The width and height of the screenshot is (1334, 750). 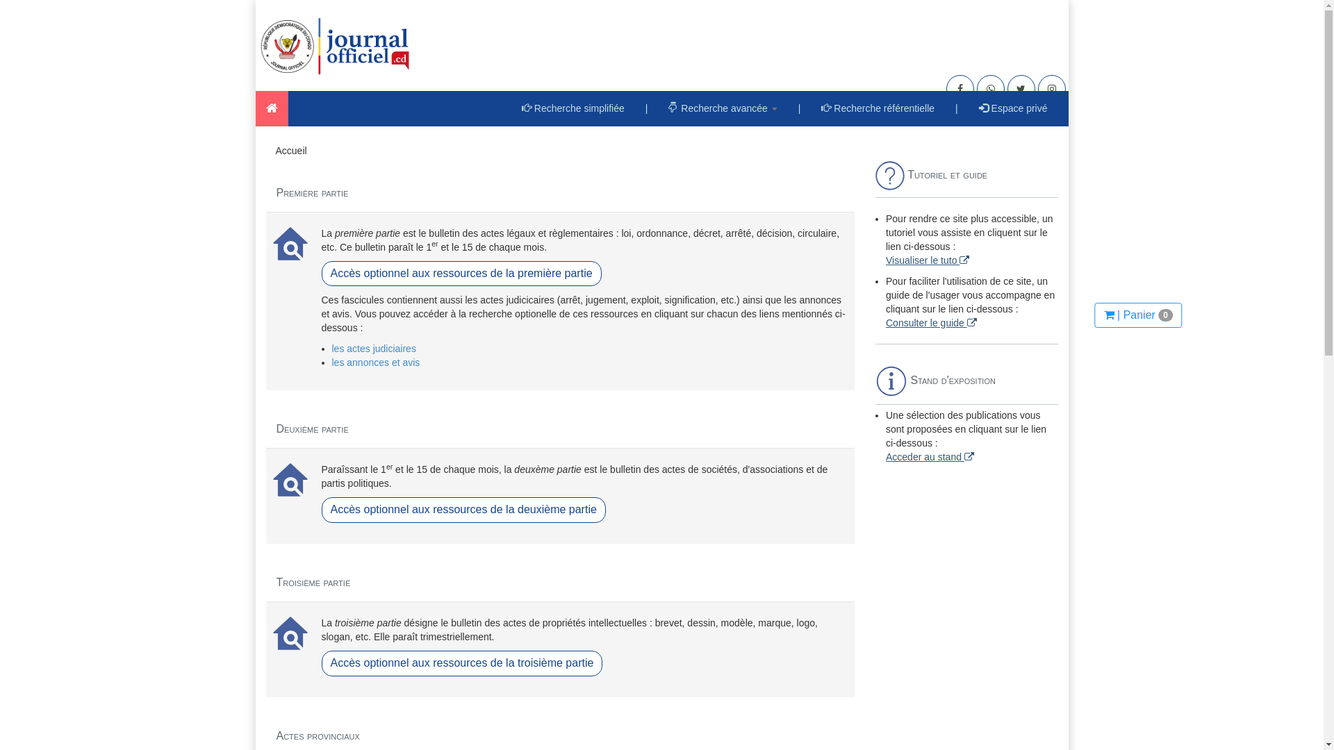 What do you see at coordinates (1021, 88) in the screenshot?
I see `'Twitter'` at bounding box center [1021, 88].